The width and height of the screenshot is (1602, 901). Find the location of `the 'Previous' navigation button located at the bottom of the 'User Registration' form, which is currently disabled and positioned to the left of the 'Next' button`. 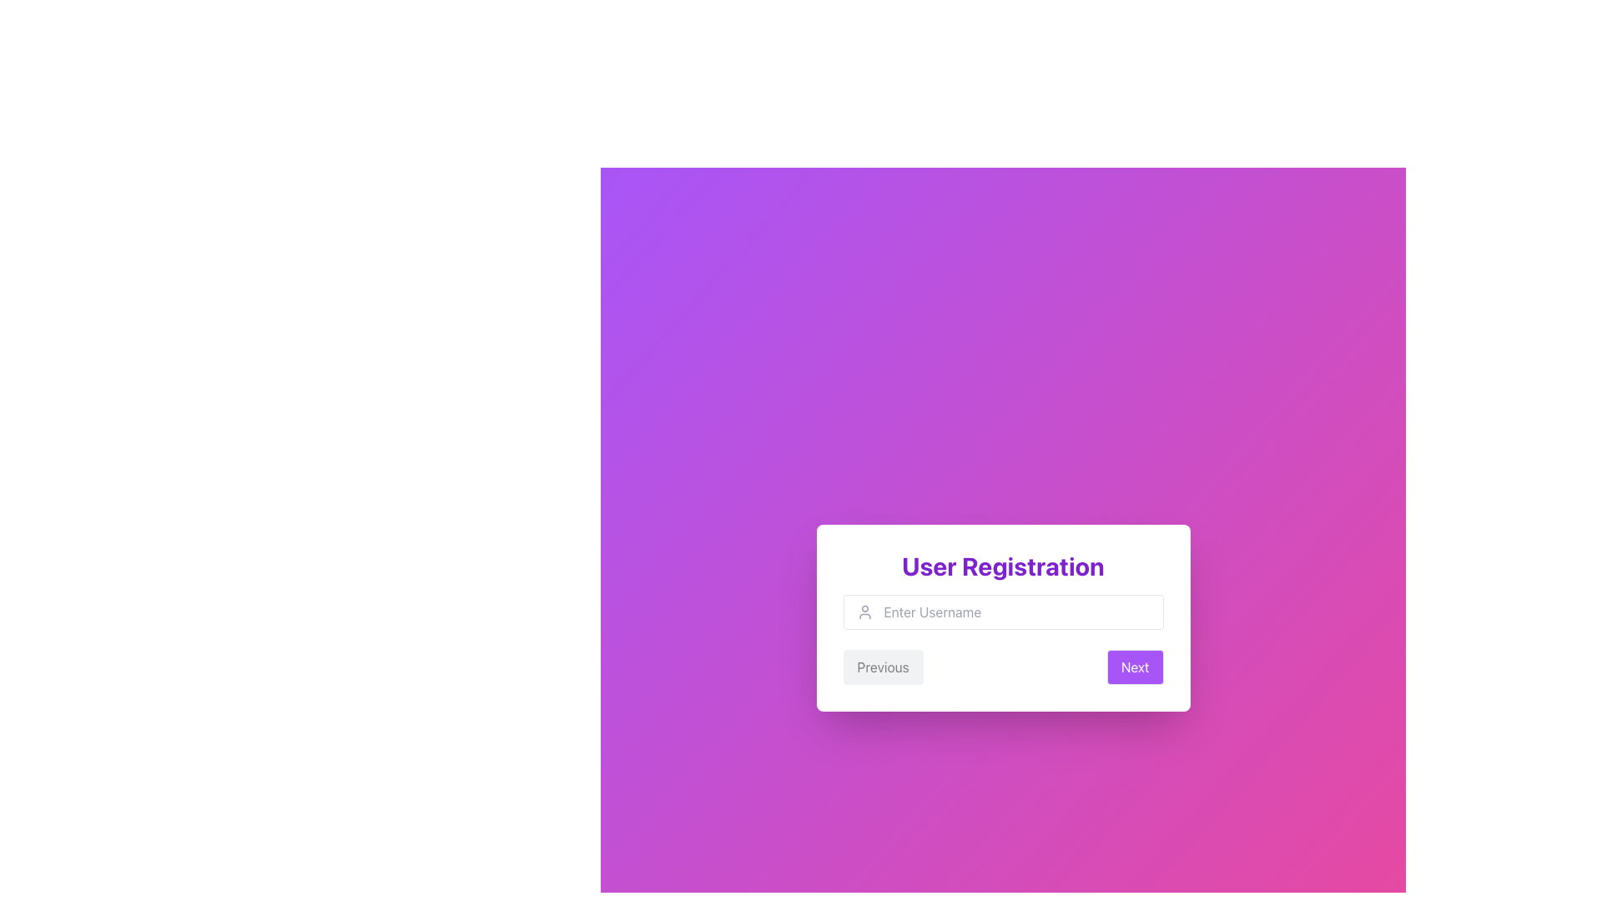

the 'Previous' navigation button located at the bottom of the 'User Registration' form, which is currently disabled and positioned to the left of the 'Next' button is located at coordinates (882, 666).